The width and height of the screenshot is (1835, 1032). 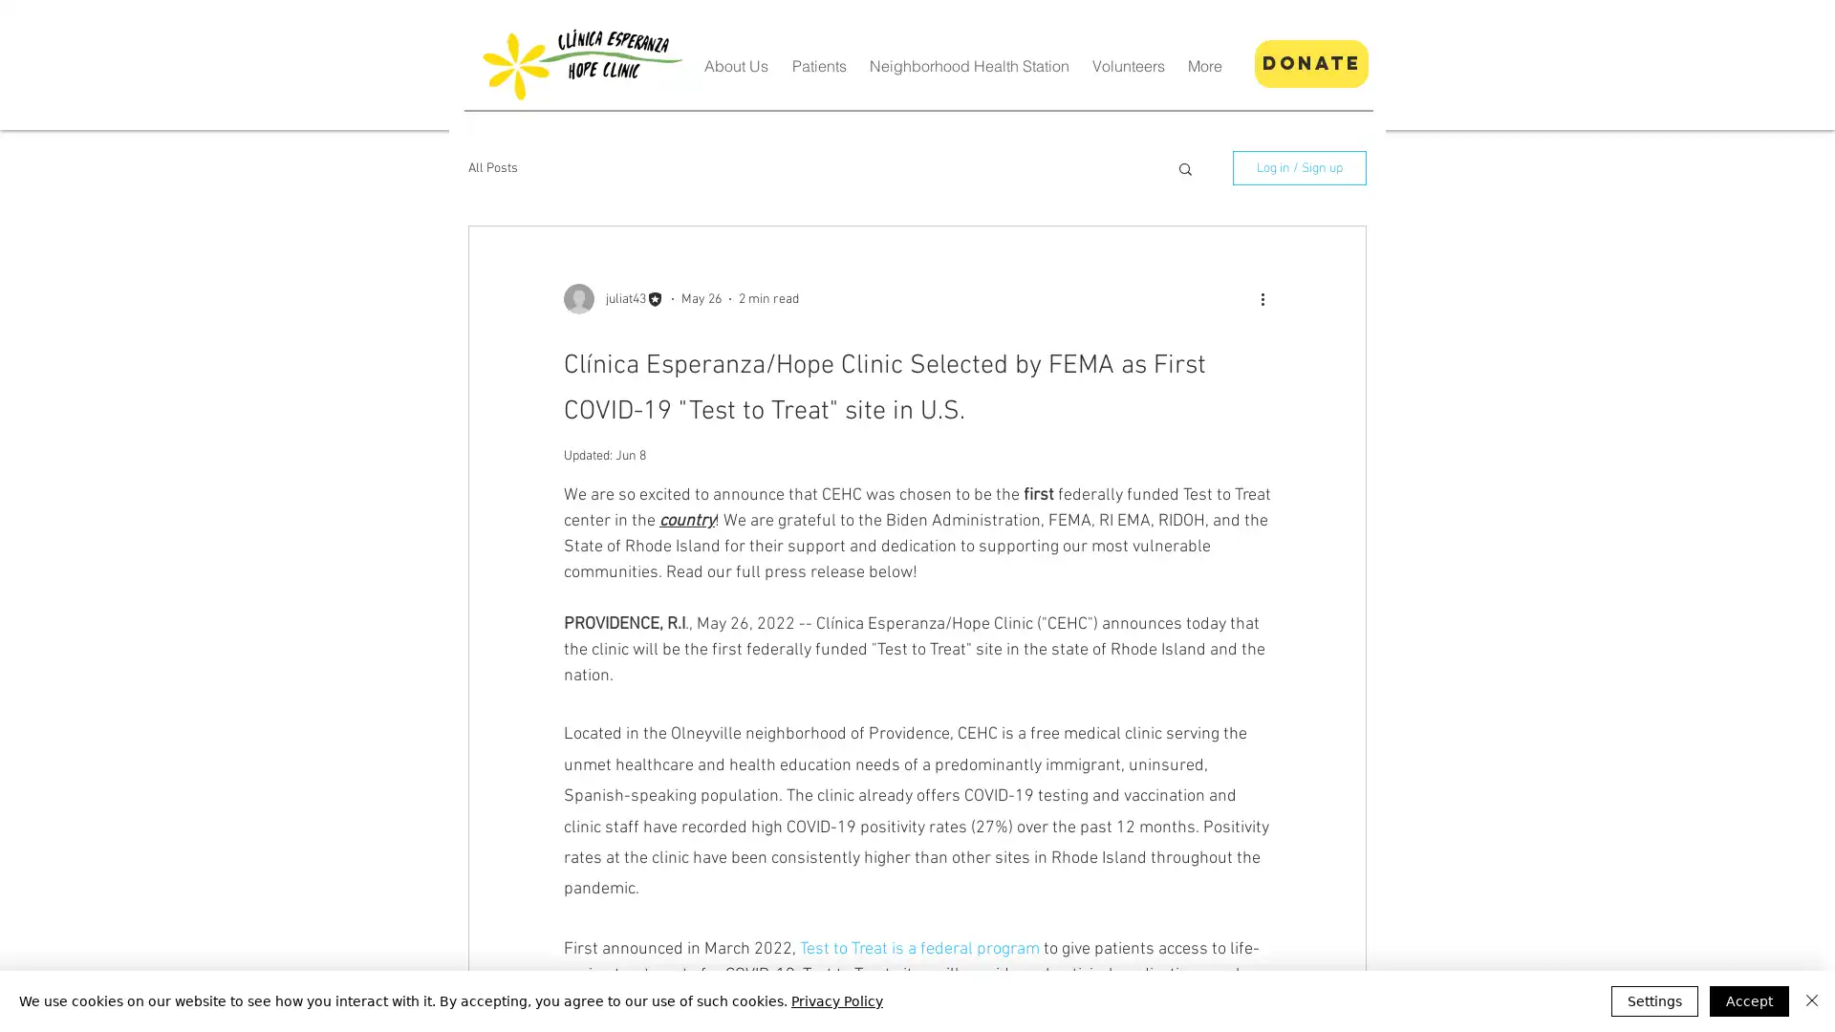 I want to click on Search, so click(x=1184, y=169).